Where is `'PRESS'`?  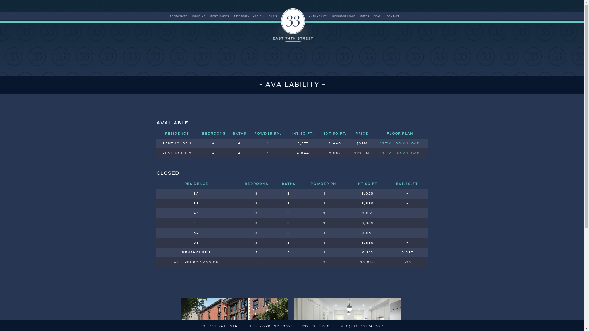 'PRESS' is located at coordinates (360, 16).